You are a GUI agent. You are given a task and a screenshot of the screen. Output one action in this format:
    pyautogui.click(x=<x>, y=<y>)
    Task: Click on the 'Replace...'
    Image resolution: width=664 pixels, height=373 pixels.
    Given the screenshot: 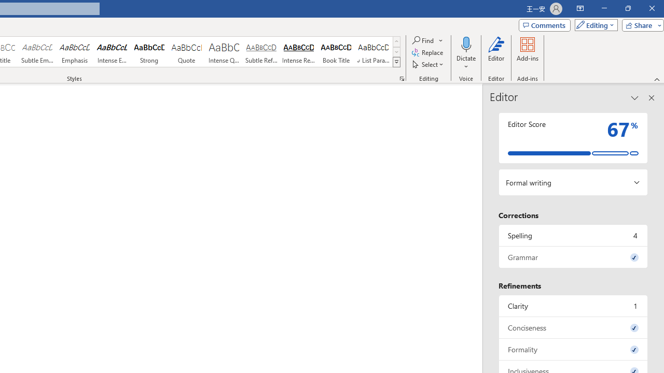 What is the action you would take?
    pyautogui.click(x=428, y=52)
    